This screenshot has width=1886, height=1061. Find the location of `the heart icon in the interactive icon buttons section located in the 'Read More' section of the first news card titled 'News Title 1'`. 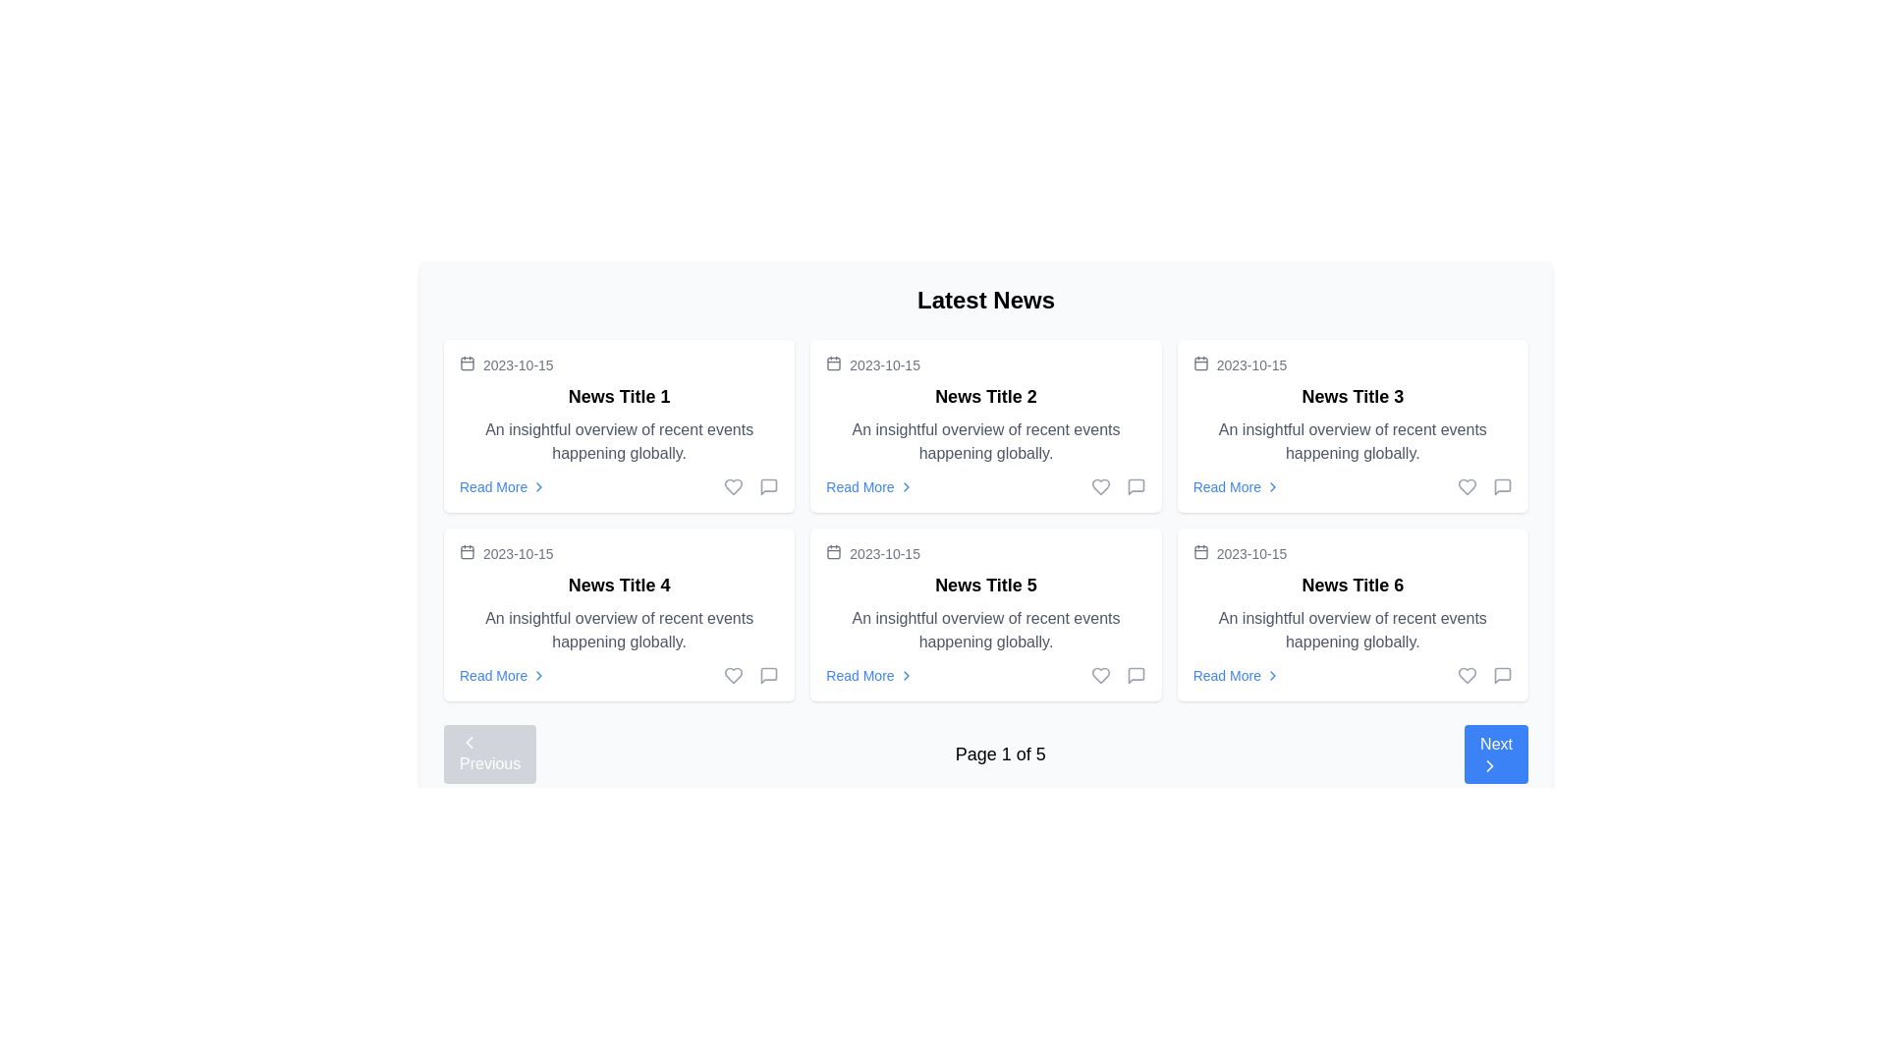

the heart icon in the interactive icon buttons section located in the 'Read More' section of the first news card titled 'News Title 1' is located at coordinates (750, 486).